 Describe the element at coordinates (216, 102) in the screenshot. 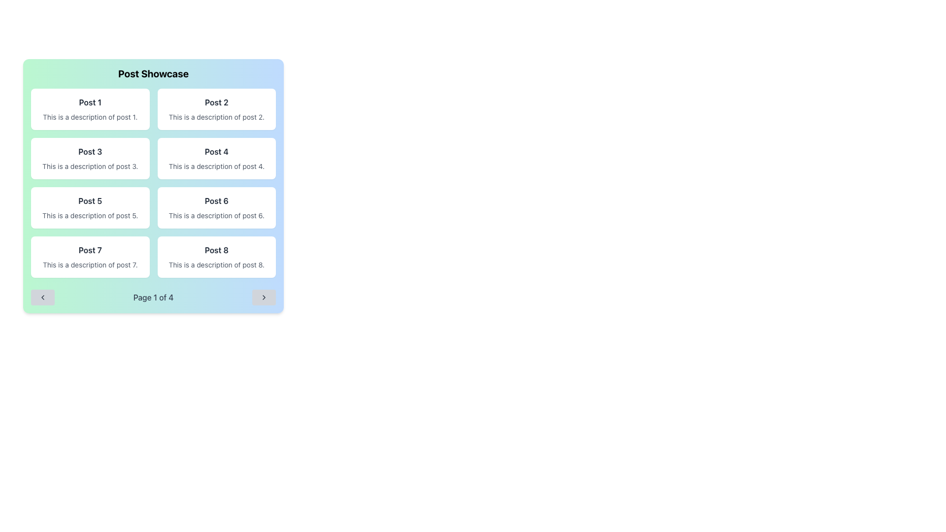

I see `heading text of the post title located in the second card of the first row in the 'Post Showcase' section` at that location.